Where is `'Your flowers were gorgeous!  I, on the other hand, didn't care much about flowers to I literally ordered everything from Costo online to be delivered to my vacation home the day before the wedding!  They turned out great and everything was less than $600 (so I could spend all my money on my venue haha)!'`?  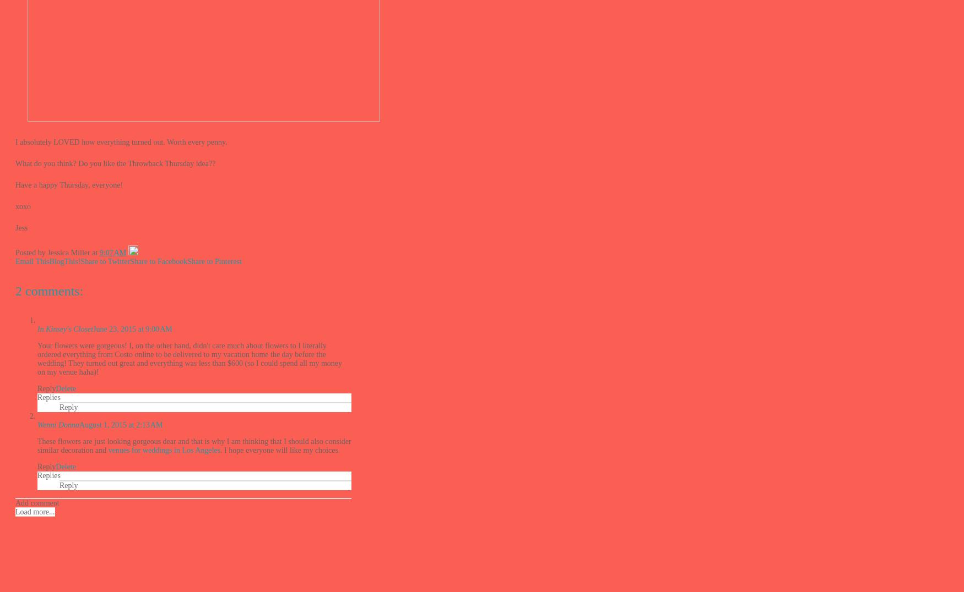
'Your flowers were gorgeous!  I, on the other hand, didn't care much about flowers to I literally ordered everything from Costo online to be delivered to my vacation home the day before the wedding!  They turned out great and everything was less than $600 (so I could spend all my money on my venue haha)!' is located at coordinates (189, 358).